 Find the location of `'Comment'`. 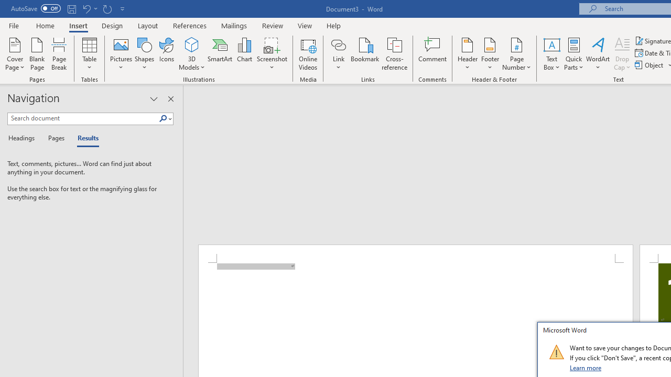

'Comment' is located at coordinates (432, 54).